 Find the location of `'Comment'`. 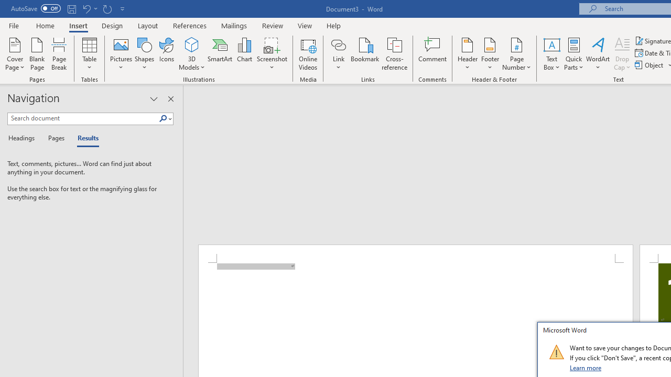

'Comment' is located at coordinates (432, 54).